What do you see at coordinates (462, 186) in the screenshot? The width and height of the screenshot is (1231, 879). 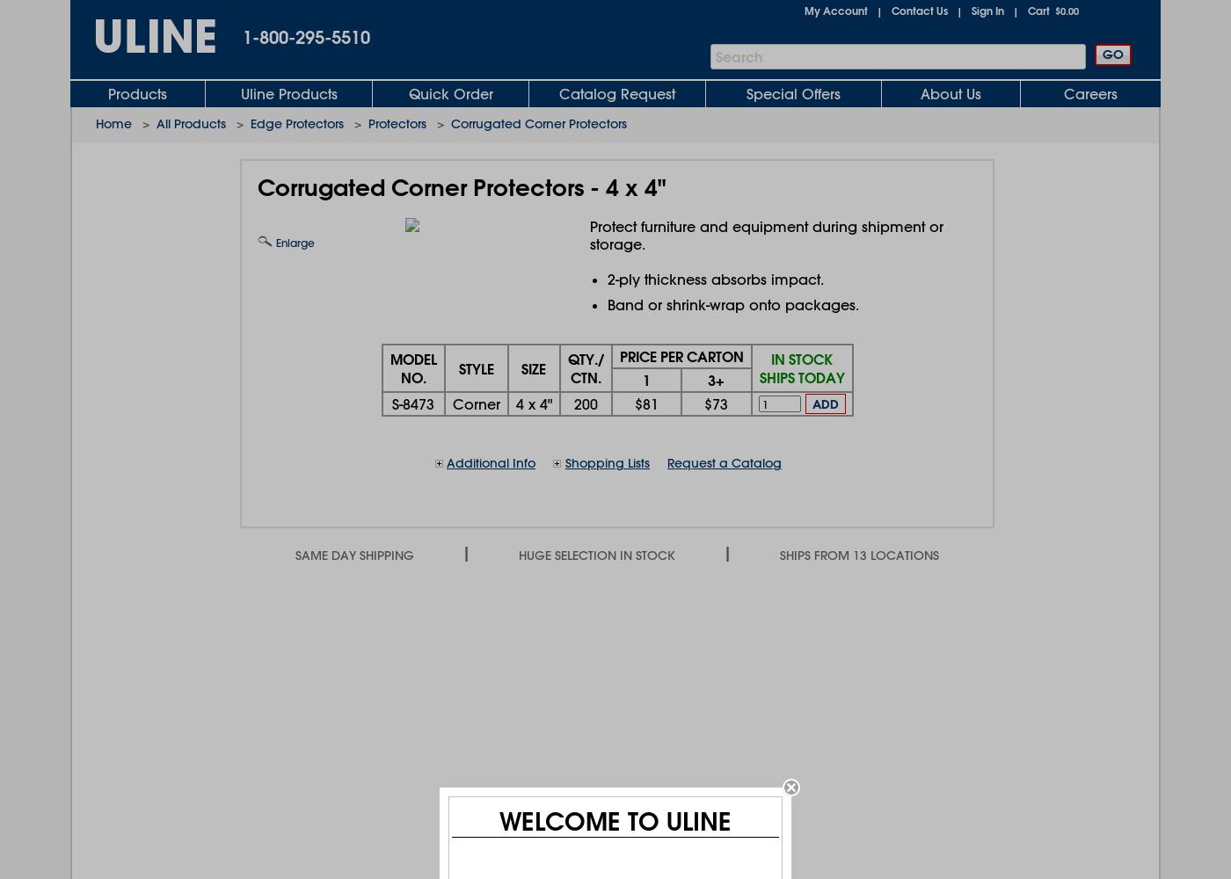 I see `'Corrugated Corner Protectors - 4 x 4"'` at bounding box center [462, 186].